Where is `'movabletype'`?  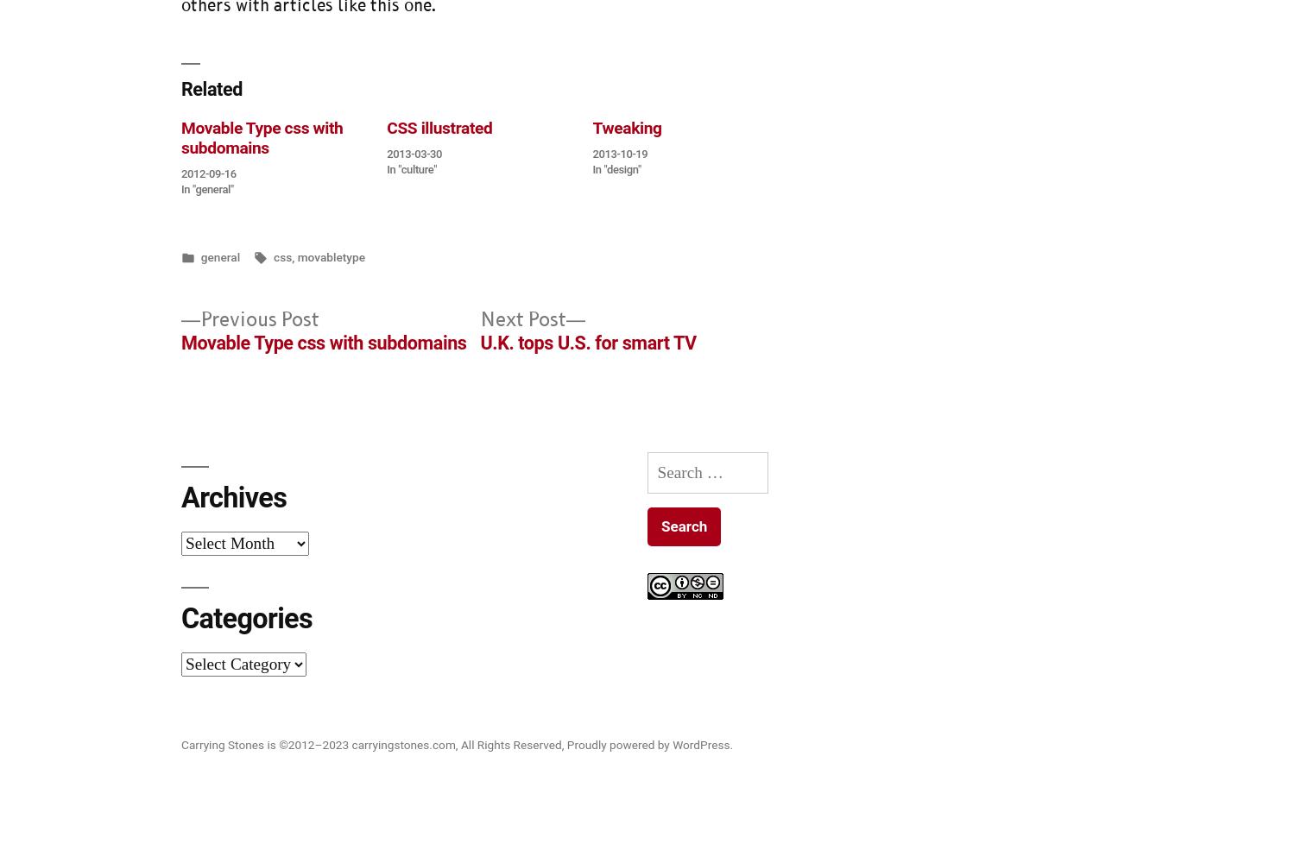 'movabletype' is located at coordinates (330, 256).